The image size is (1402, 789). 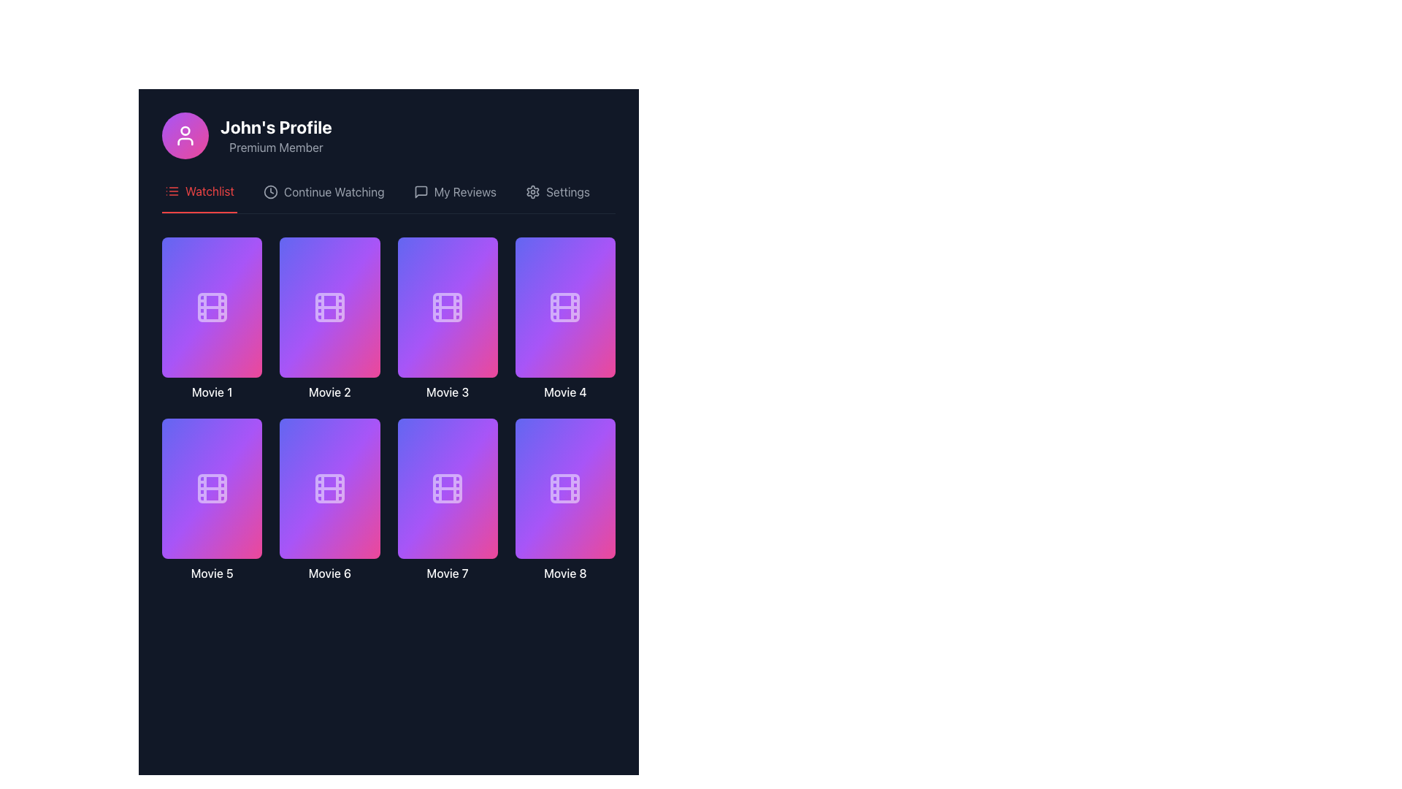 I want to click on the text label identifying the eighth movie in the series, positioned below the corresponding movie thumbnail and centered horizontally beneath it, so click(x=564, y=573).